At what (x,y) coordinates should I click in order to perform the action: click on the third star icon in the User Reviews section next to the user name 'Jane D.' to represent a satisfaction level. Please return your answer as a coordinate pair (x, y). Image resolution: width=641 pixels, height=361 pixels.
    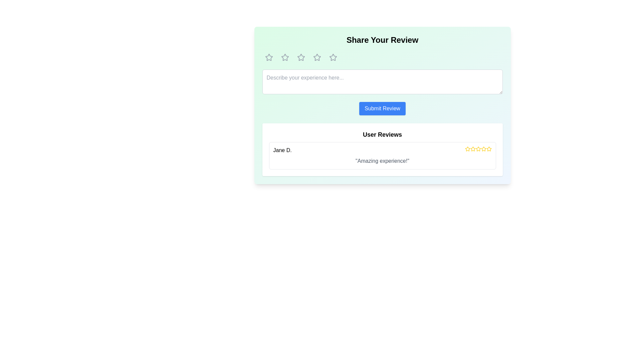
    Looking at the image, I should click on (478, 150).